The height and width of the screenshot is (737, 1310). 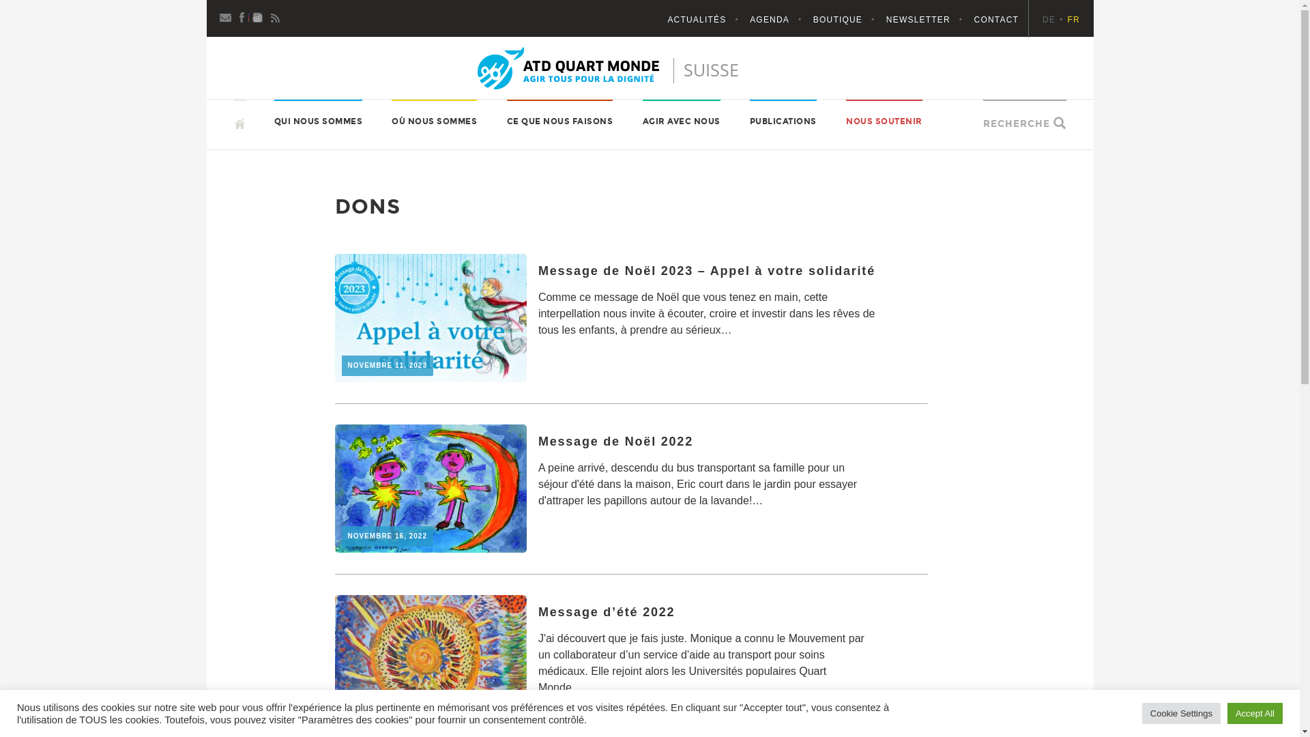 What do you see at coordinates (886, 20) in the screenshot?
I see `'NEWSLETTER'` at bounding box center [886, 20].